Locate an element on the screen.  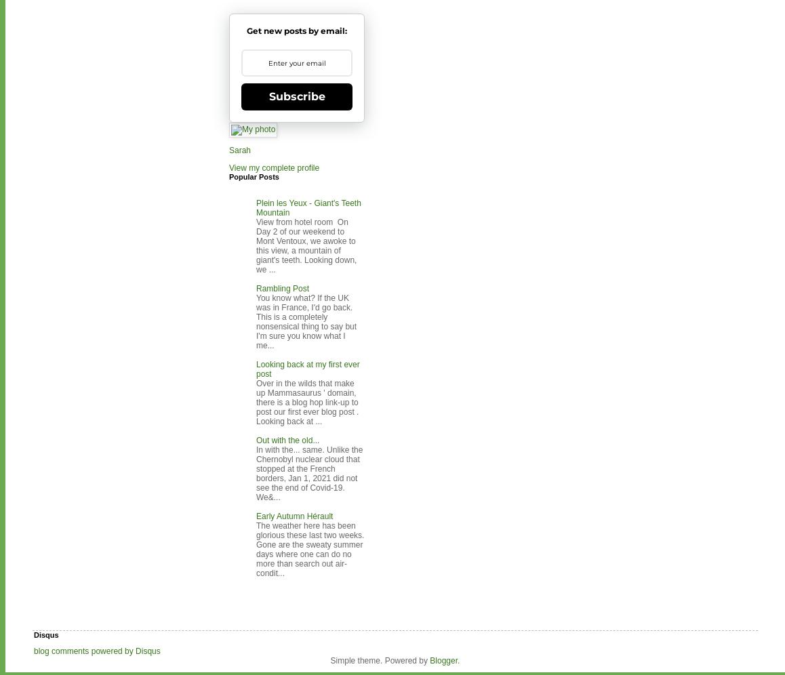
'blog comments powered by' is located at coordinates (83, 651).